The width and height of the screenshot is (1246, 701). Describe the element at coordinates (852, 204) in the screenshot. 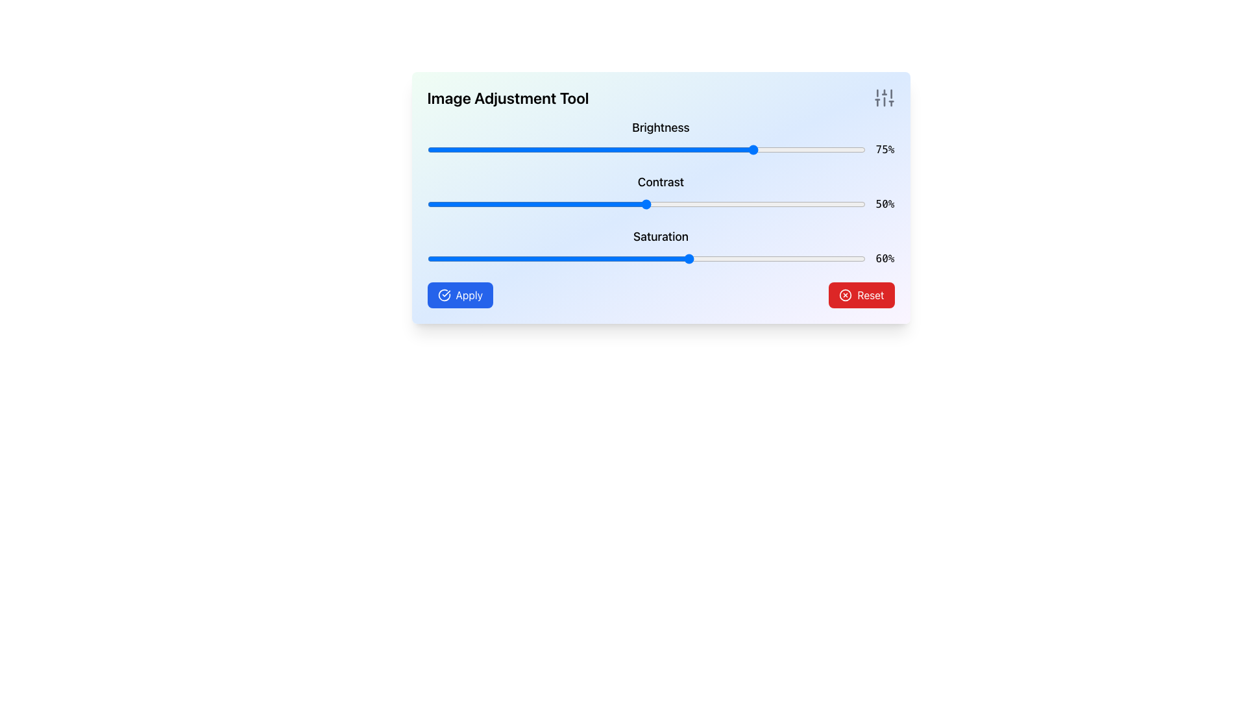

I see `the contrast value` at that location.